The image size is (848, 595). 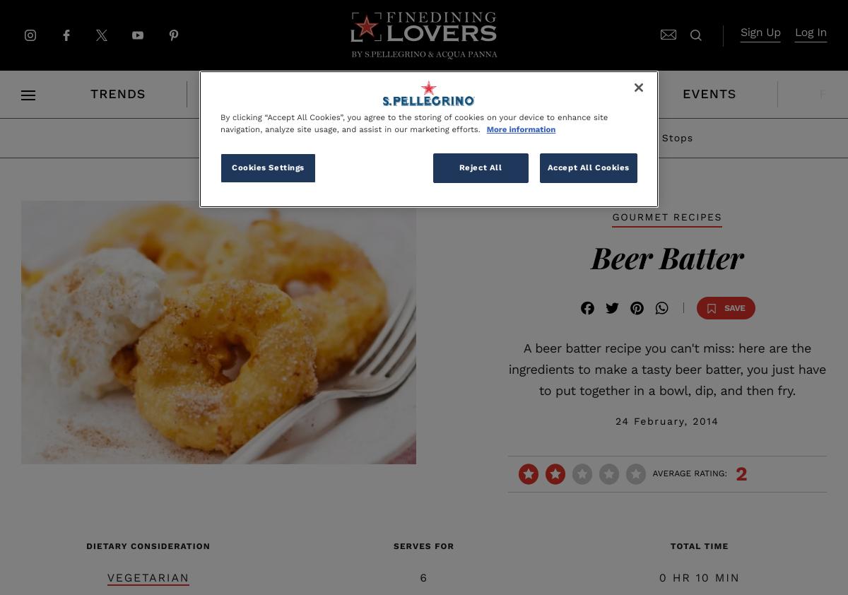 What do you see at coordinates (714, 577) in the screenshot?
I see `'MIN'` at bounding box center [714, 577].